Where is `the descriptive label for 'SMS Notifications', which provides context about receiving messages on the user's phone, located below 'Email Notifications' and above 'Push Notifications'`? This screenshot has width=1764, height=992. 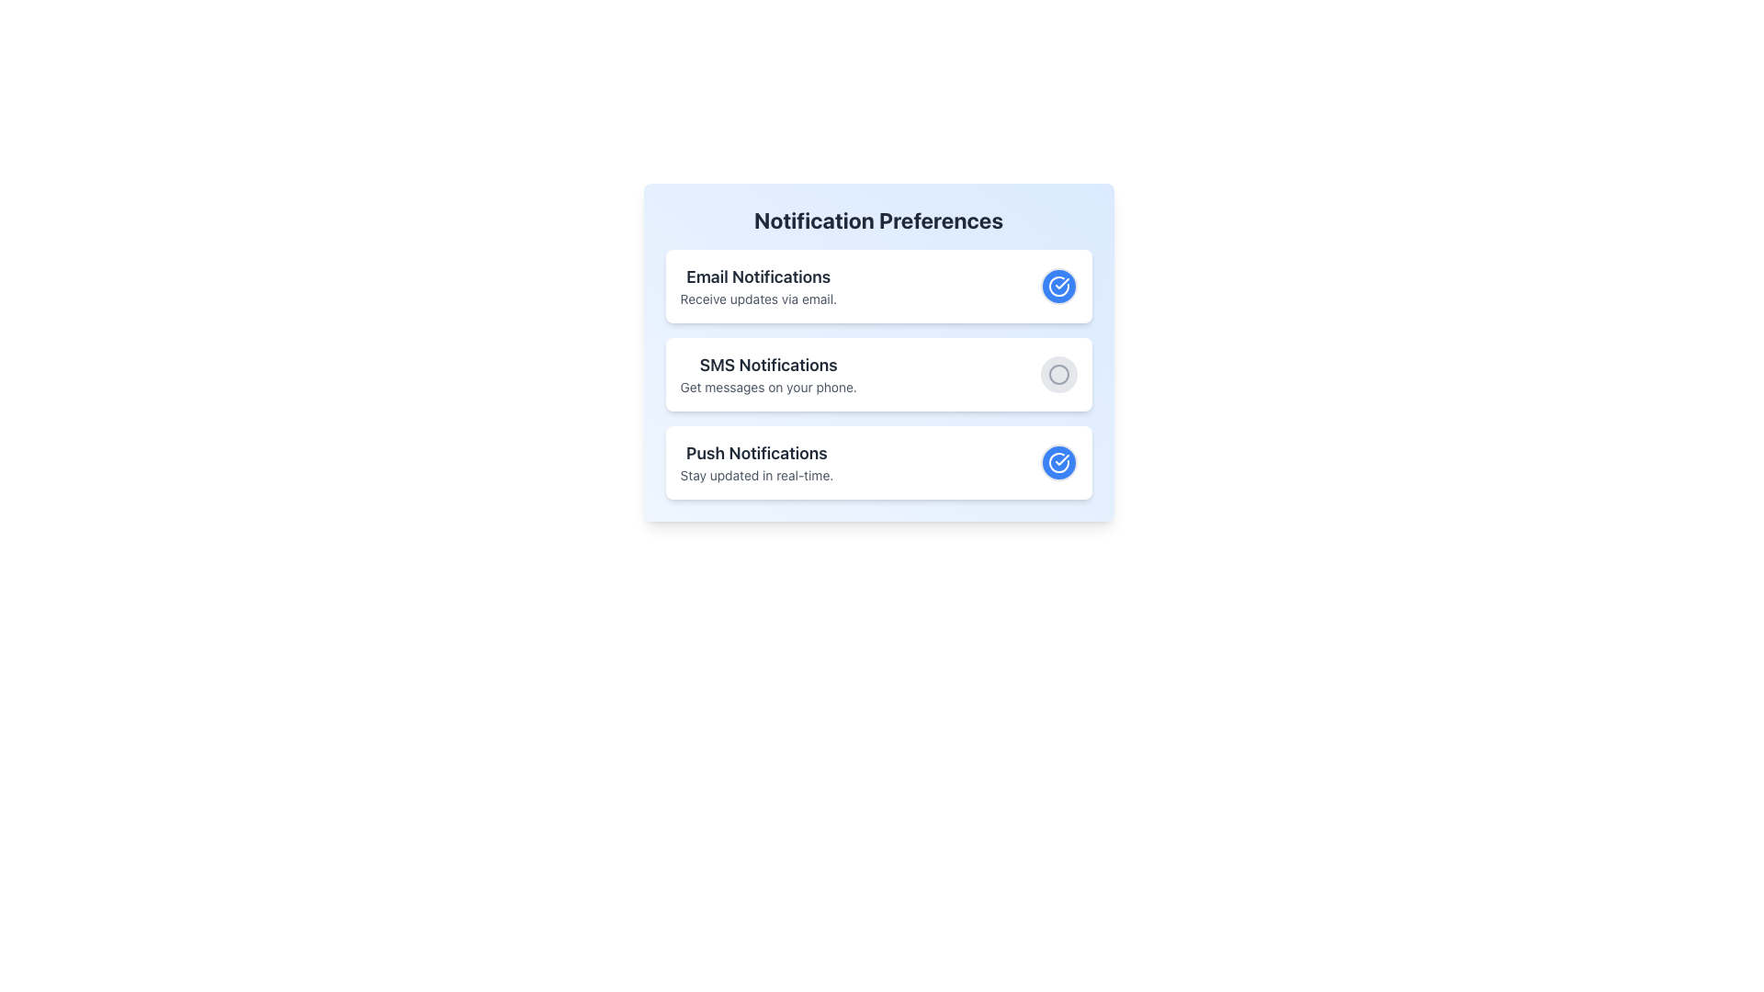 the descriptive label for 'SMS Notifications', which provides context about receiving messages on the user's phone, located below 'Email Notifications' and above 'Push Notifications' is located at coordinates (768, 374).